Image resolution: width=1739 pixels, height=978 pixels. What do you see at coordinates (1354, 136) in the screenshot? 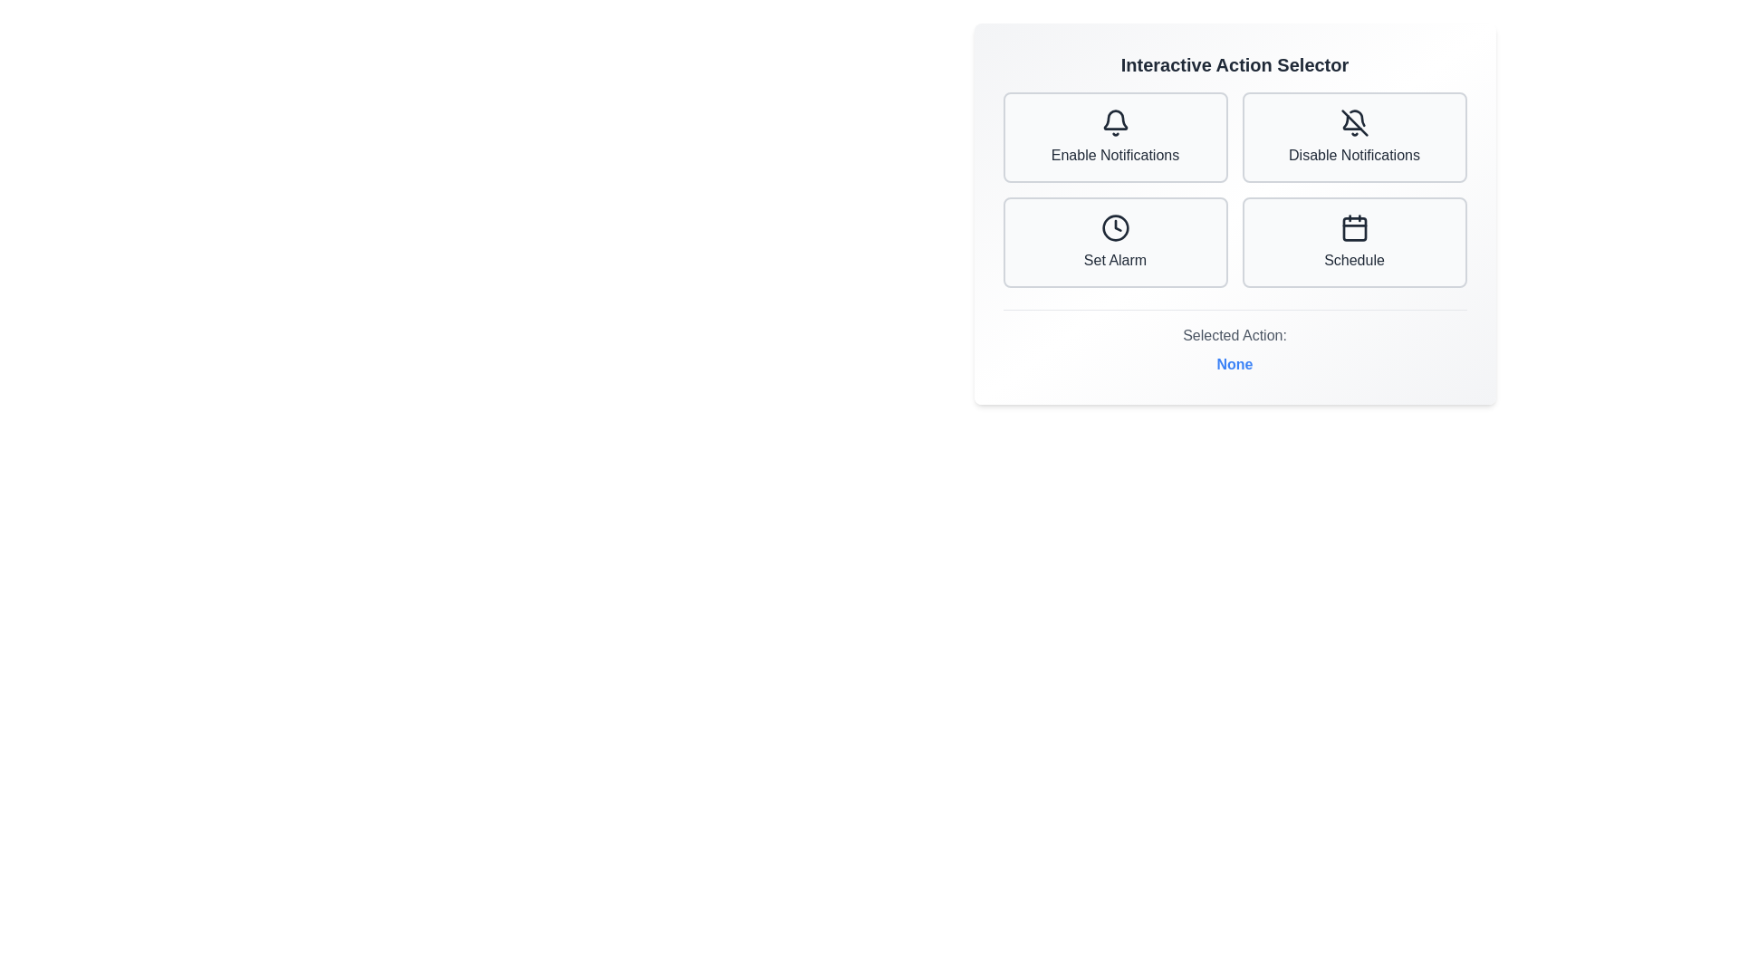
I see `the button corresponding to Disable Notifications` at bounding box center [1354, 136].